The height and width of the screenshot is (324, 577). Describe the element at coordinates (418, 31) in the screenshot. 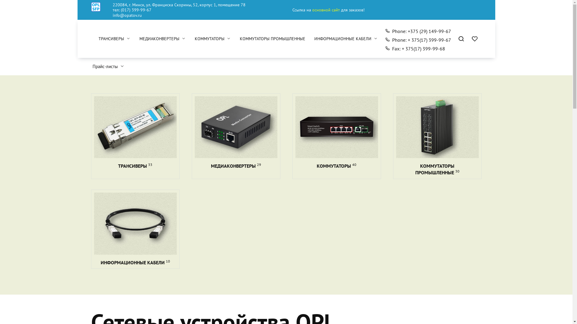

I see `'Phone: +375 (29) 149-99-67'` at that location.